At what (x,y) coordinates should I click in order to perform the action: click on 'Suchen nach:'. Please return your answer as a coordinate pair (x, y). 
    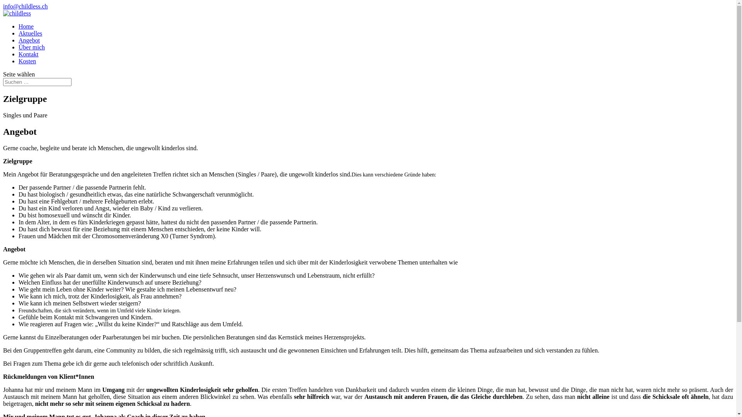
    Looking at the image, I should click on (37, 82).